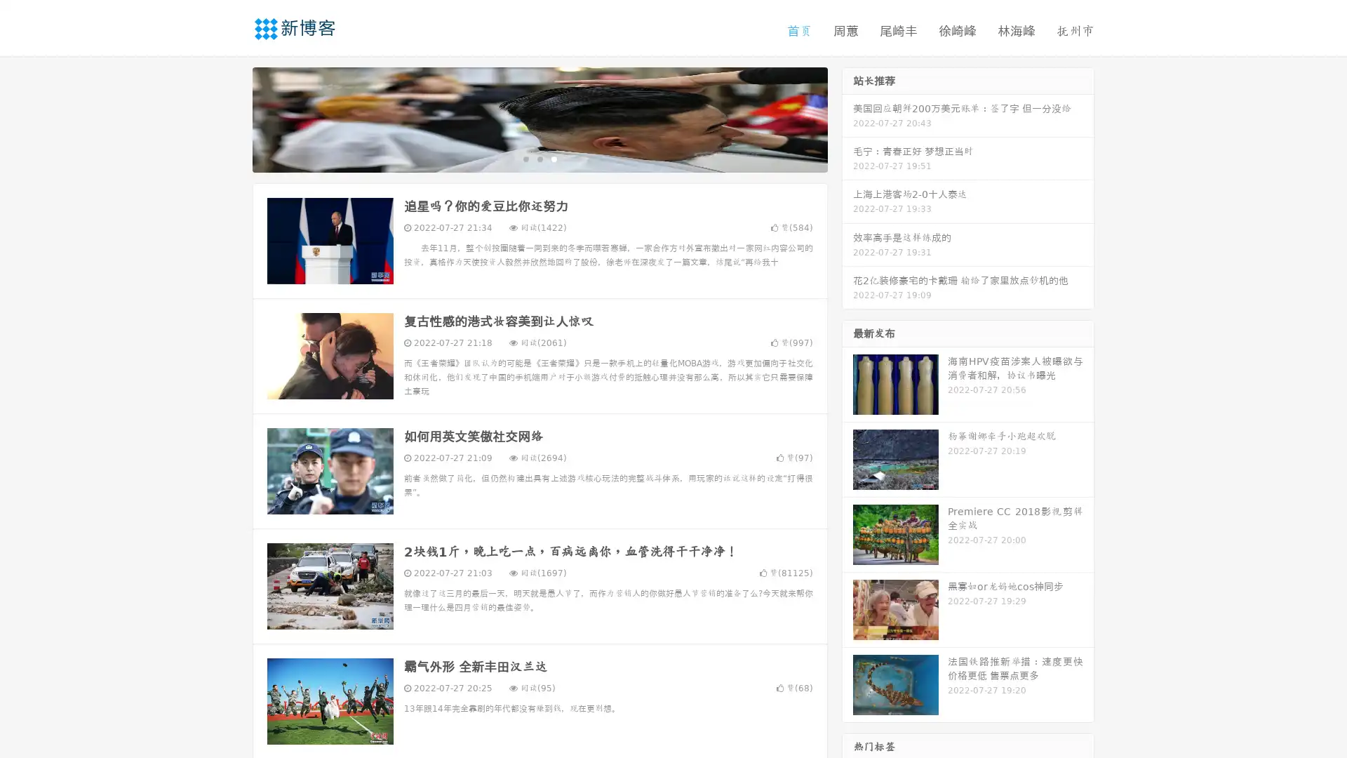  What do you see at coordinates (525, 158) in the screenshot?
I see `Go to slide 1` at bounding box center [525, 158].